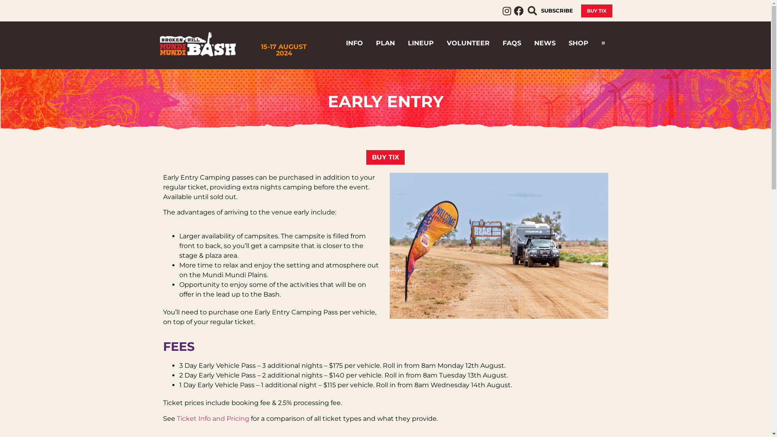 The image size is (777, 437). I want to click on 'LINEUP', so click(421, 43).